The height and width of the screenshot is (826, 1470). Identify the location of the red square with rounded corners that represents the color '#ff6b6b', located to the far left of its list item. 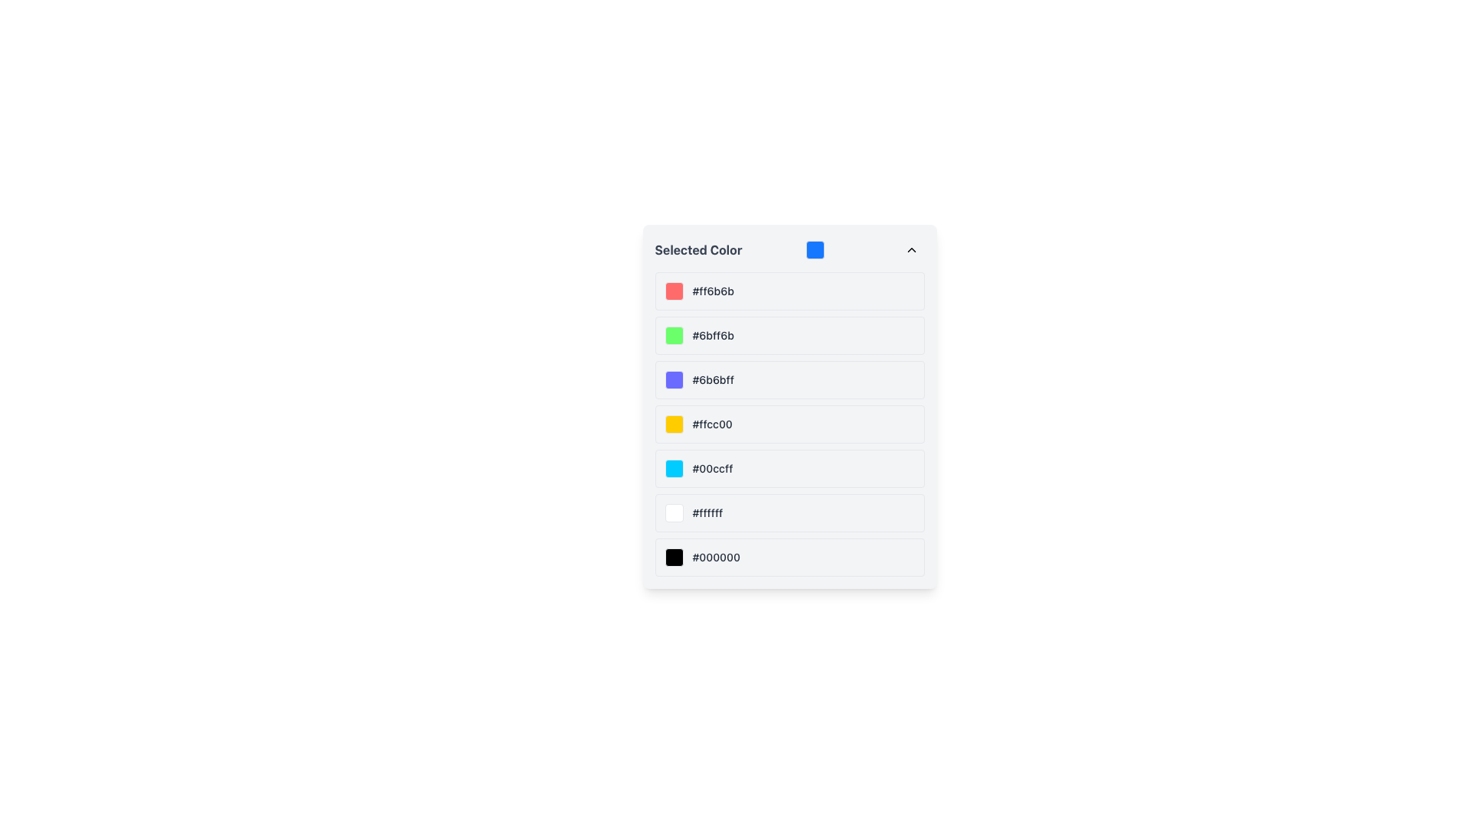
(674, 291).